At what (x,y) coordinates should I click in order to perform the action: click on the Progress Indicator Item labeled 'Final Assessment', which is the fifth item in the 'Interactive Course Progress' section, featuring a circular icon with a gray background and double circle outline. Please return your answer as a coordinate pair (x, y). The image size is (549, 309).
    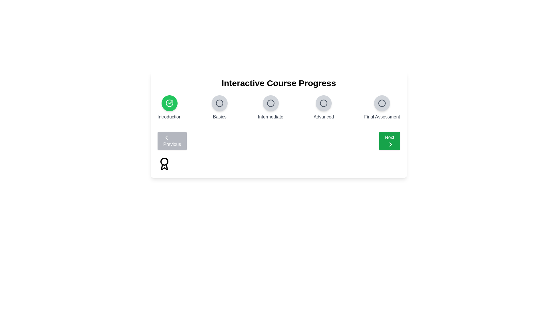
    Looking at the image, I should click on (382, 108).